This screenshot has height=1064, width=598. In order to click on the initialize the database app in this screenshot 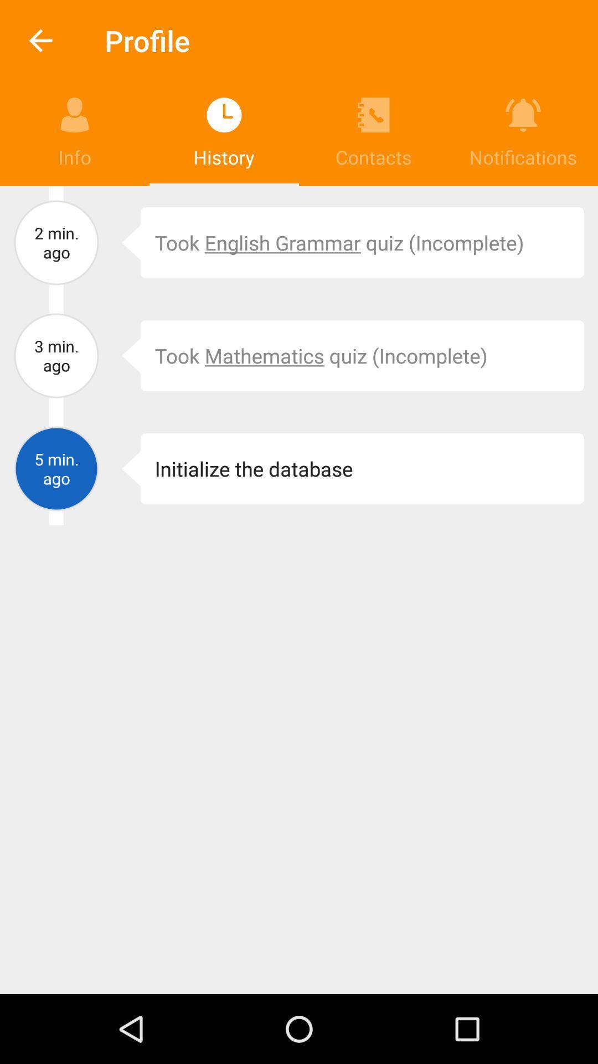, I will do `click(362, 468)`.